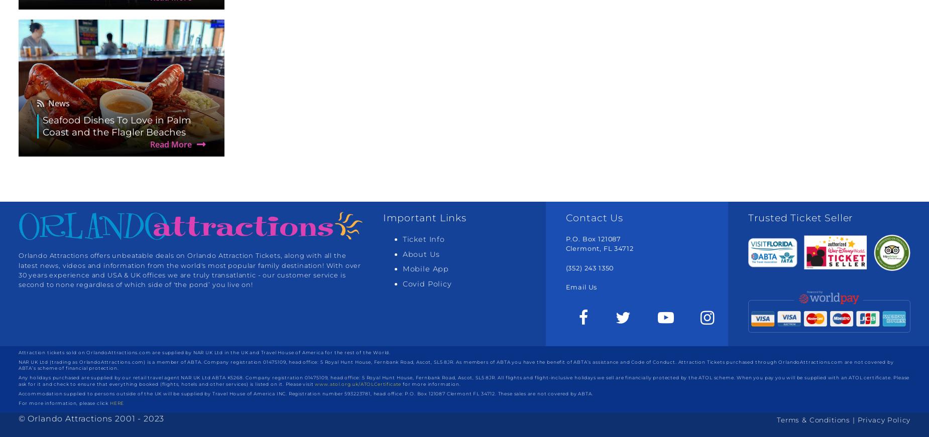  What do you see at coordinates (358, 383) in the screenshot?
I see `'www.atol.org.uk/ATOLCertificate'` at bounding box center [358, 383].